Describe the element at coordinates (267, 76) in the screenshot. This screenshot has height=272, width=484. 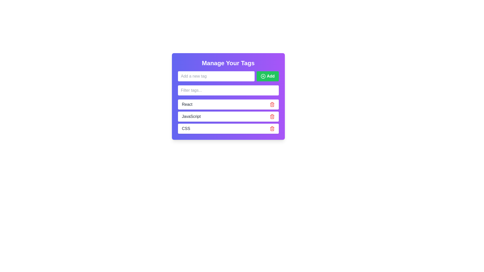
I see `the button located to the right of the 'Add a new tag' input field in the 'Manage Your Tags' interface` at that location.